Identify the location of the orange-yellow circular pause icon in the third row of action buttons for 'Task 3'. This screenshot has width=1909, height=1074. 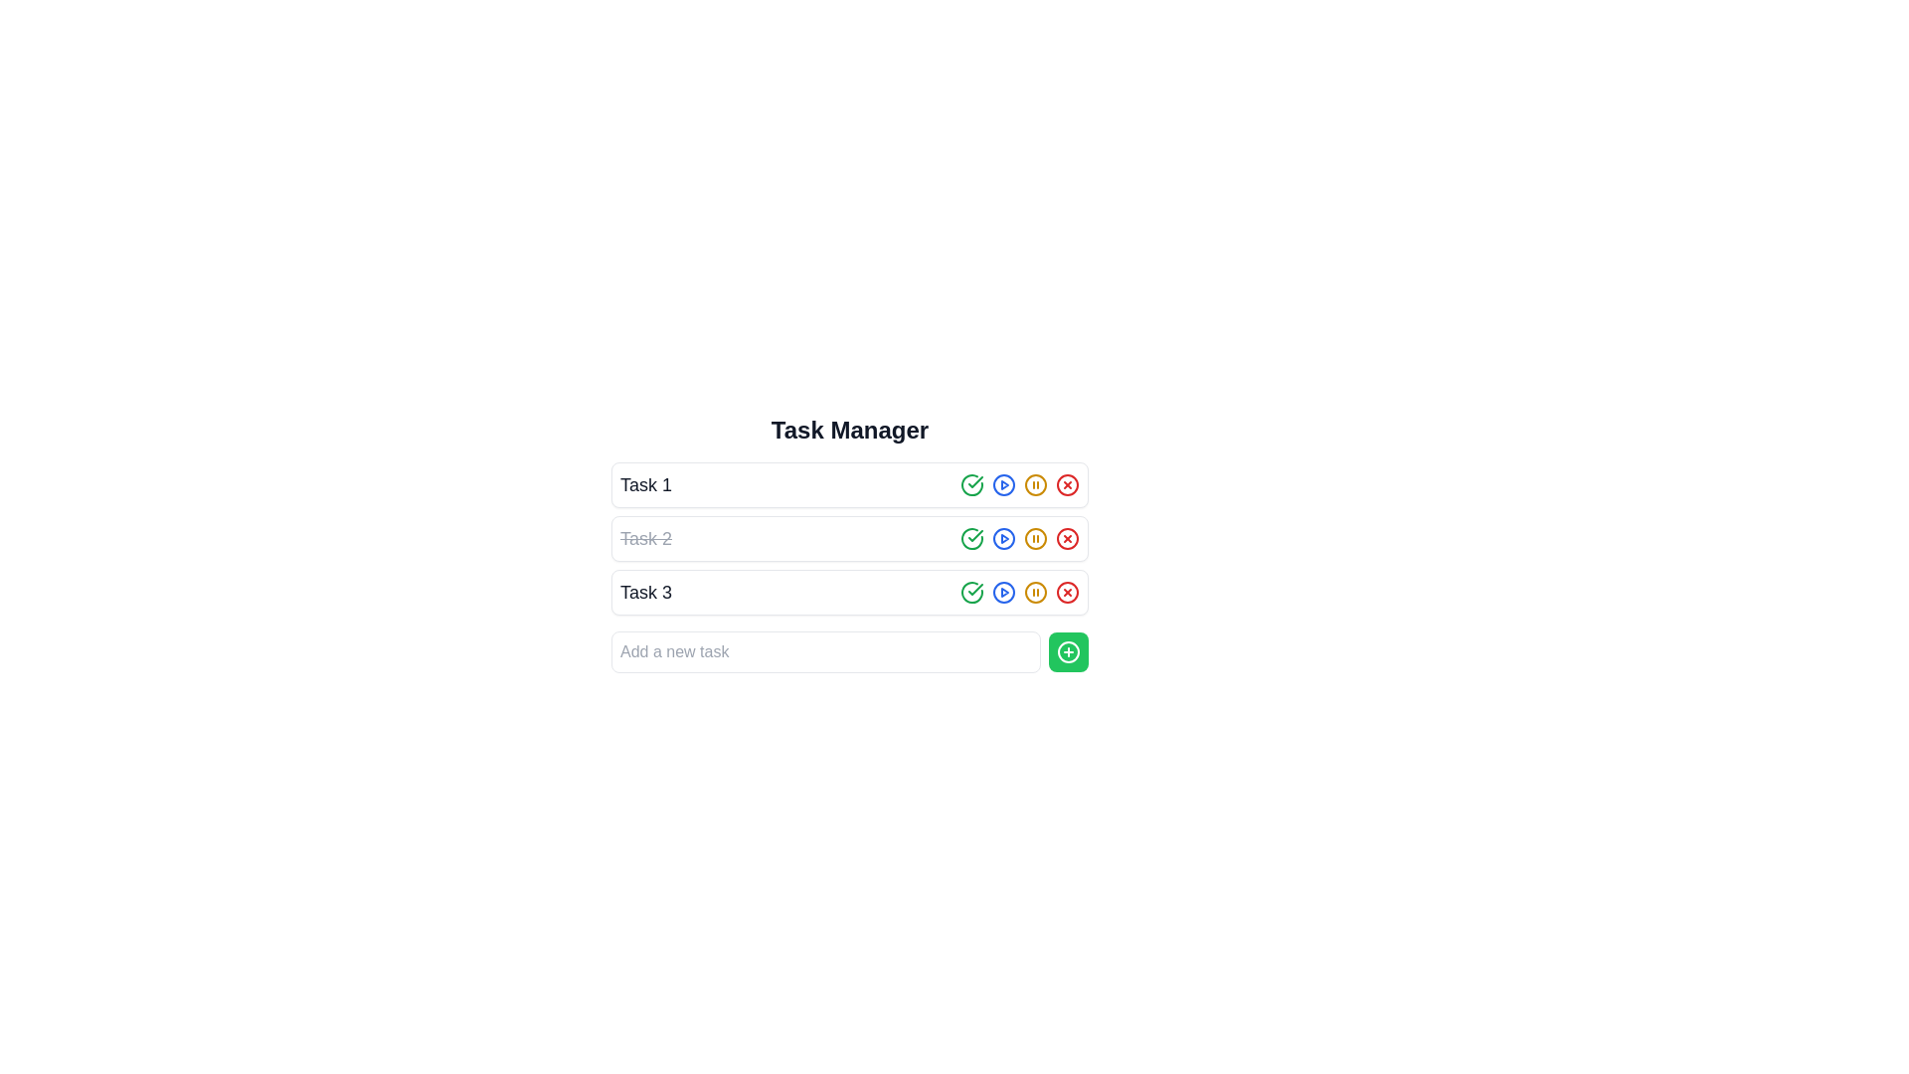
(1034, 539).